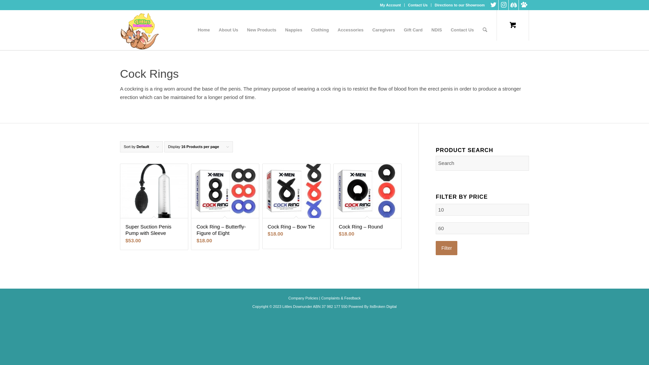 Image resolution: width=649 pixels, height=365 pixels. Describe the element at coordinates (446, 248) in the screenshot. I see `'Filter'` at that location.